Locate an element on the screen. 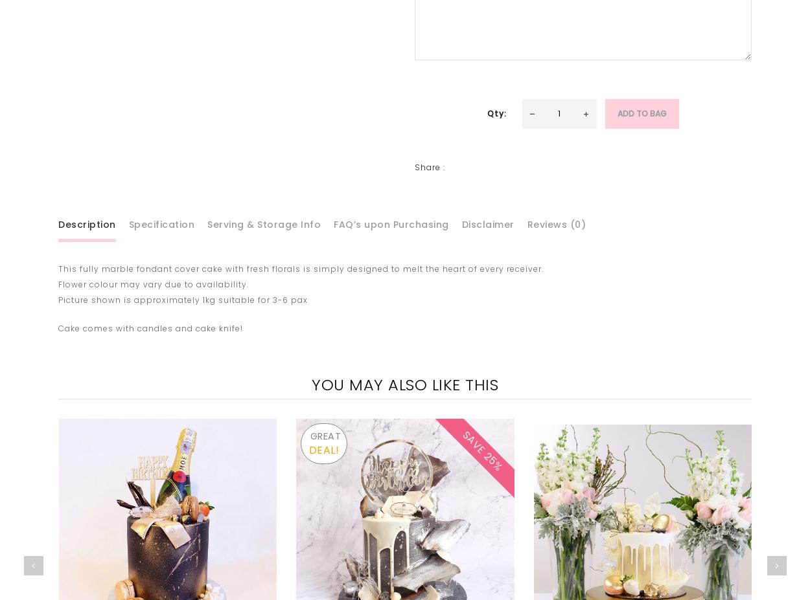 The height and width of the screenshot is (600, 810). 'Reviews (0)' is located at coordinates (526, 223).